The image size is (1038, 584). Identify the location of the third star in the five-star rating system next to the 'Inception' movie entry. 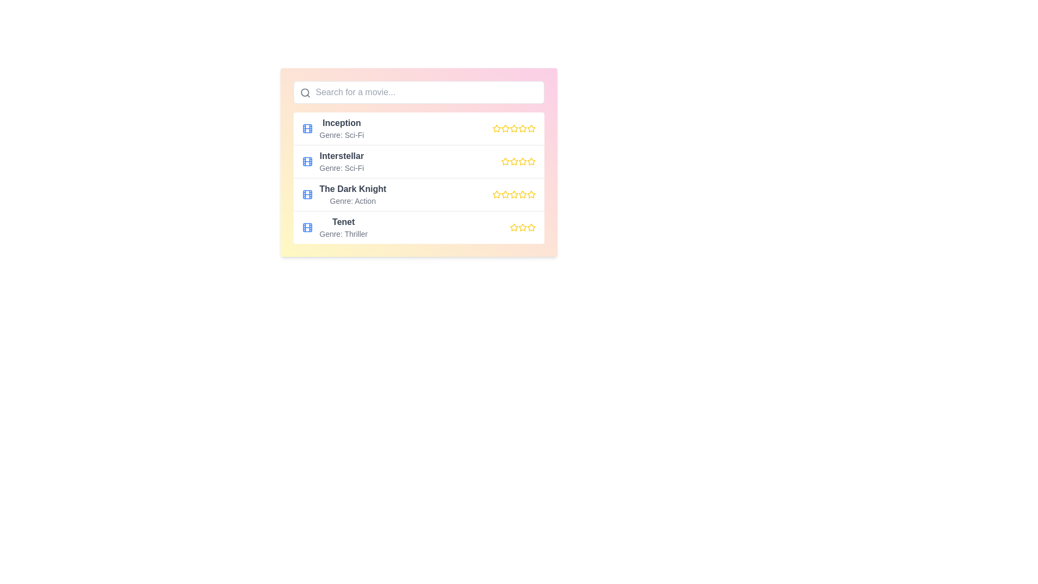
(505, 128).